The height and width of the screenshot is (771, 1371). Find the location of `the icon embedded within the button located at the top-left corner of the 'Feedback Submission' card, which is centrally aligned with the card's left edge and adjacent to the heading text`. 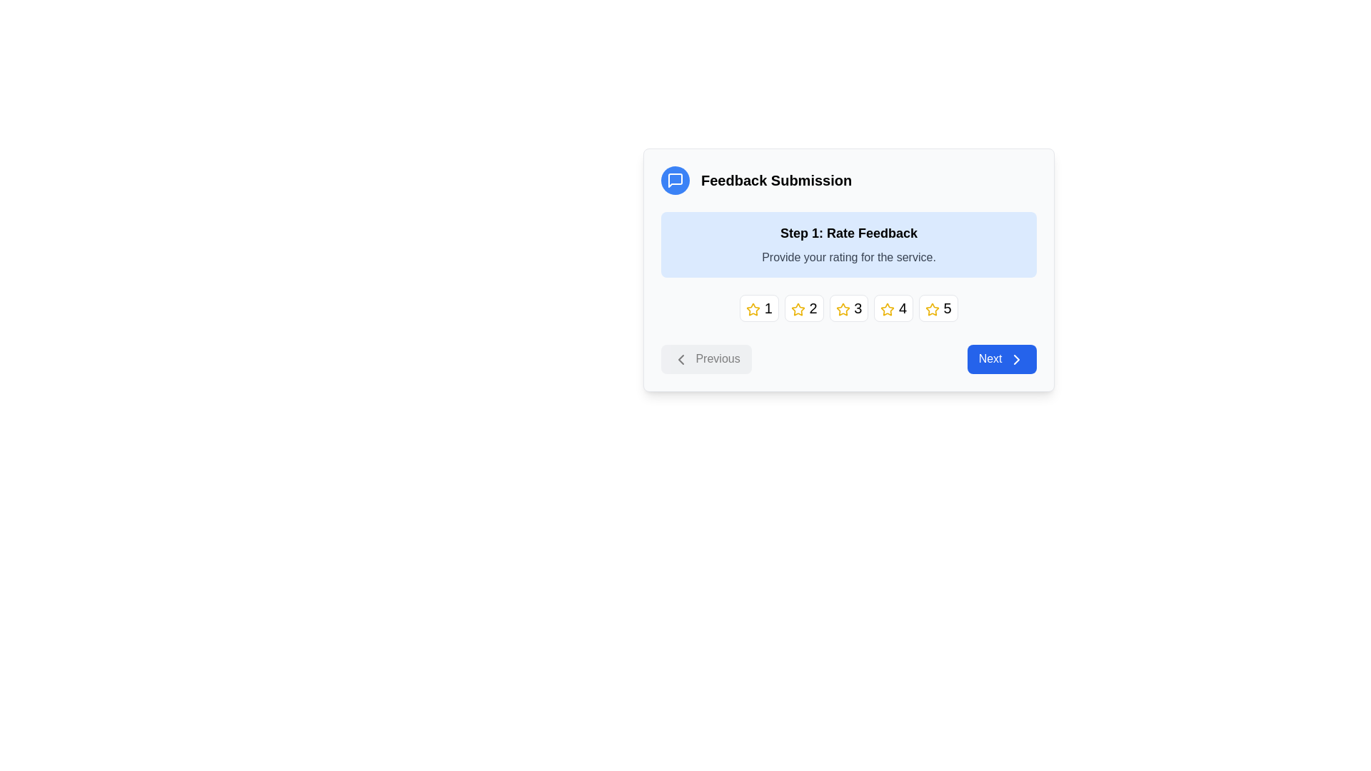

the icon embedded within the button located at the top-left corner of the 'Feedback Submission' card, which is centrally aligned with the card's left edge and adjacent to the heading text is located at coordinates (674, 180).